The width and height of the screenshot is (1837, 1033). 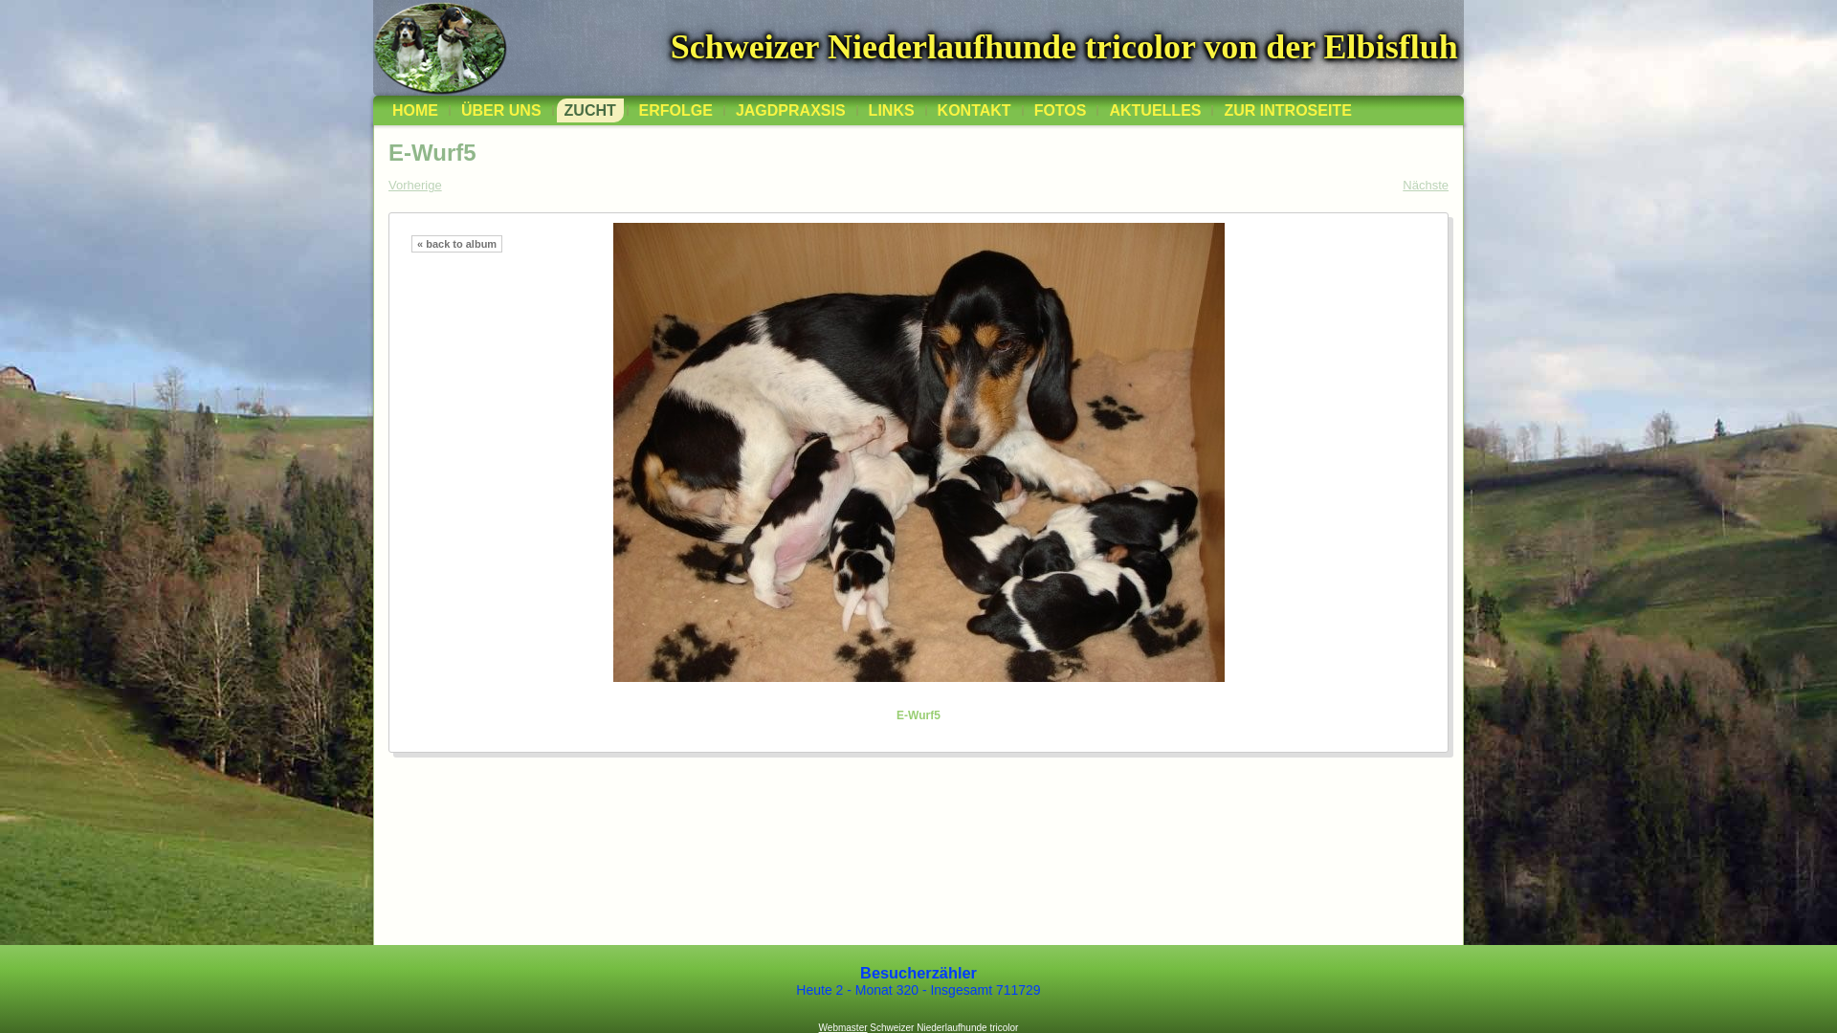 What do you see at coordinates (675, 110) in the screenshot?
I see `'ERFOLGE'` at bounding box center [675, 110].